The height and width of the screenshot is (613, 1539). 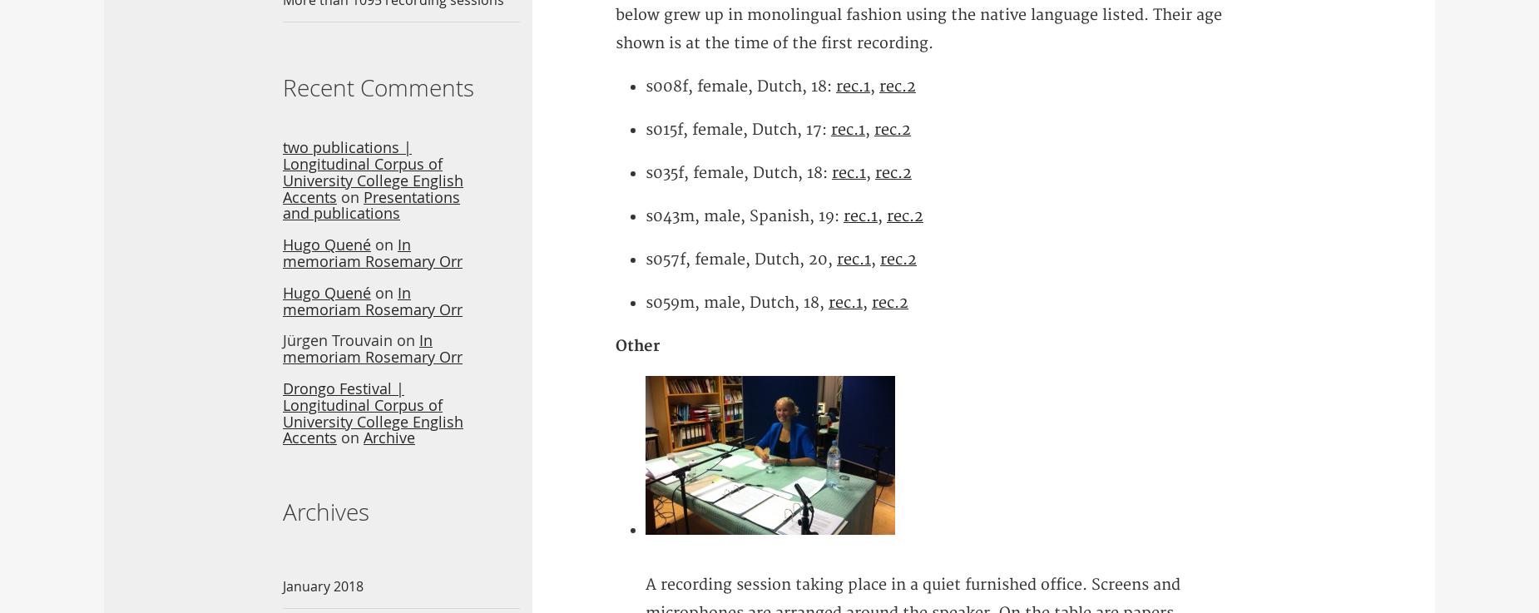 I want to click on 's043m, male, Spanish, 19:', so click(x=646, y=215).